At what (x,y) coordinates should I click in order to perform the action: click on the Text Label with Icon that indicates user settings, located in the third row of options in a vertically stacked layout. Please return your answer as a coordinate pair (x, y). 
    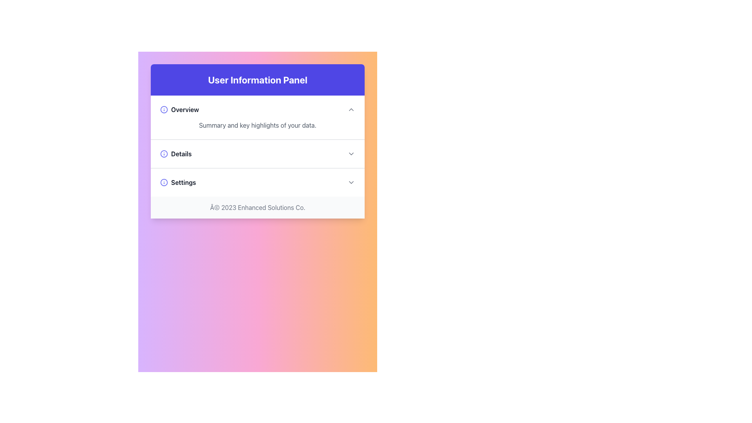
    Looking at the image, I should click on (177, 183).